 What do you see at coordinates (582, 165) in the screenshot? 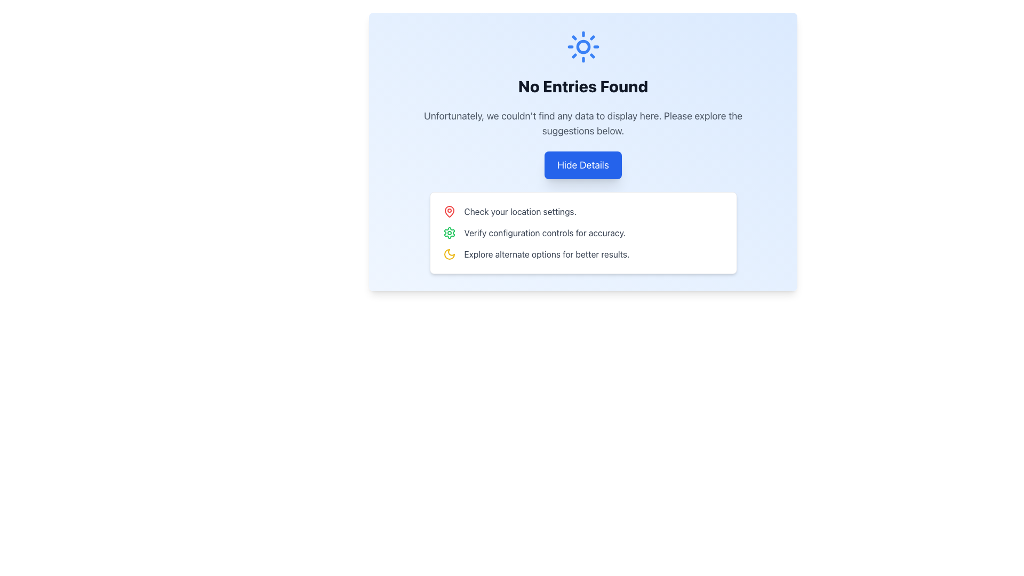
I see `the button that hides additional details or suggestions, located within a blue-themed rectangular card below a 'no entries found' paragraph` at bounding box center [582, 165].